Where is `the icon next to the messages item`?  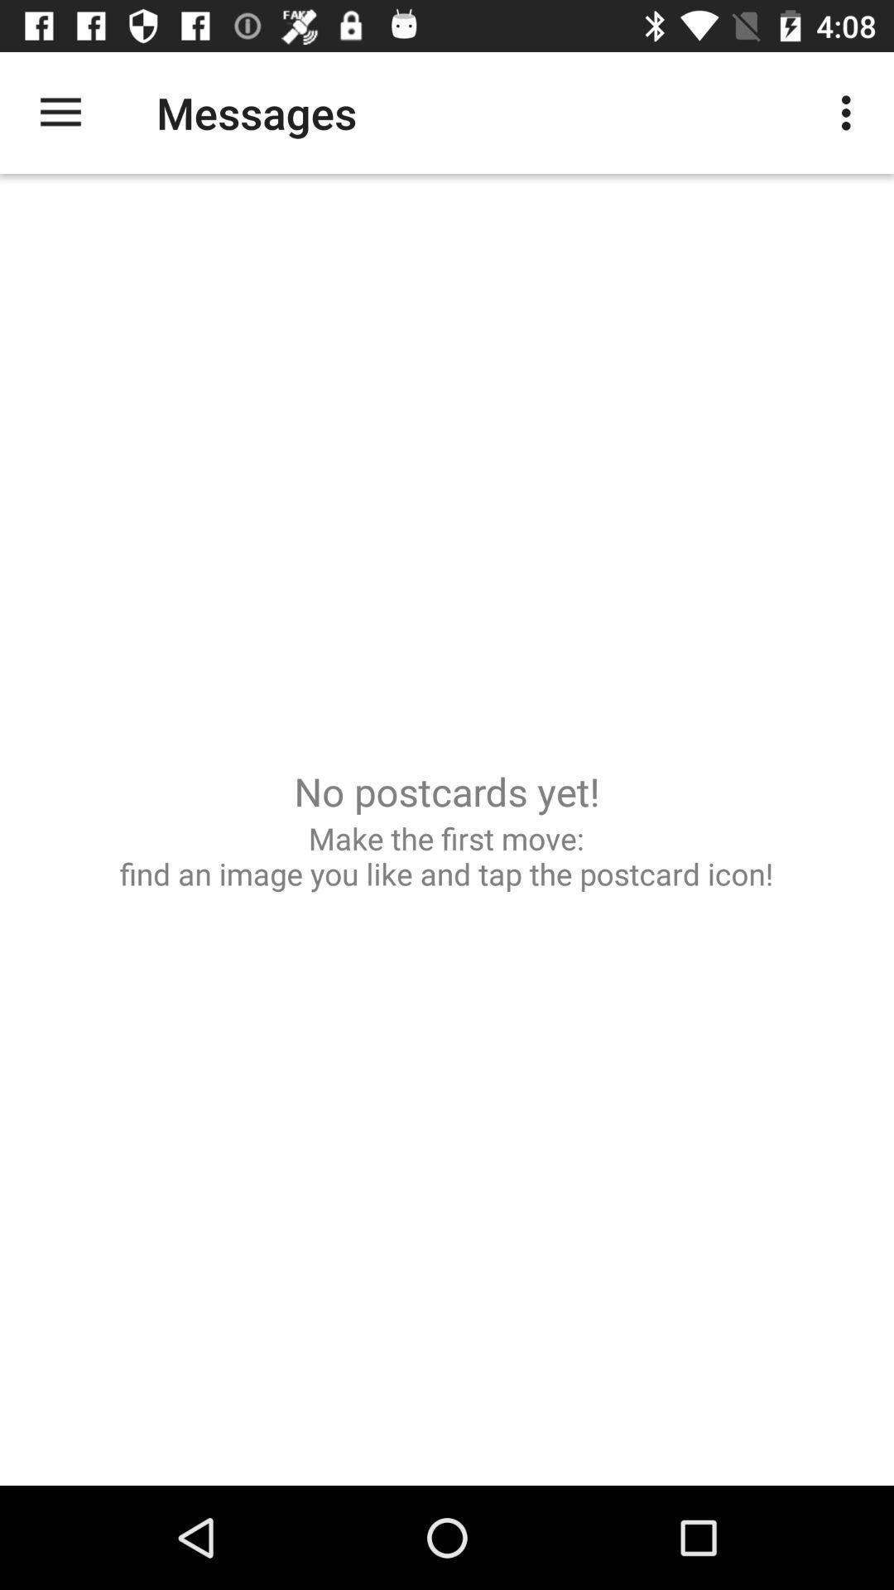
the icon next to the messages item is located at coordinates (850, 112).